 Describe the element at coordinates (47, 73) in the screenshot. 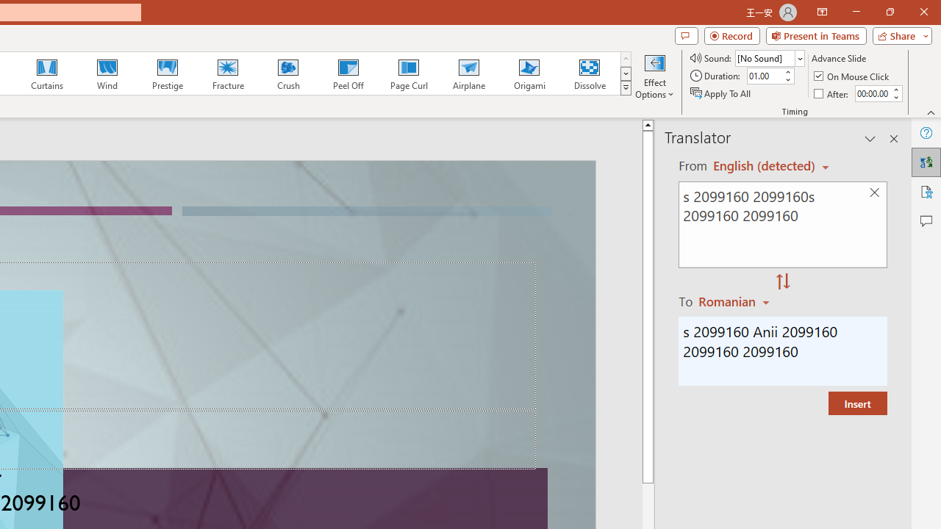

I see `'Curtains'` at that location.